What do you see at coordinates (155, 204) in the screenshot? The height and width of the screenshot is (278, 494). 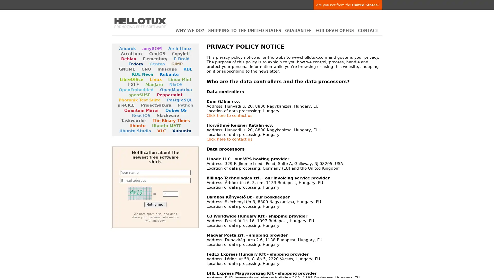 I see `Notify me!` at bounding box center [155, 204].